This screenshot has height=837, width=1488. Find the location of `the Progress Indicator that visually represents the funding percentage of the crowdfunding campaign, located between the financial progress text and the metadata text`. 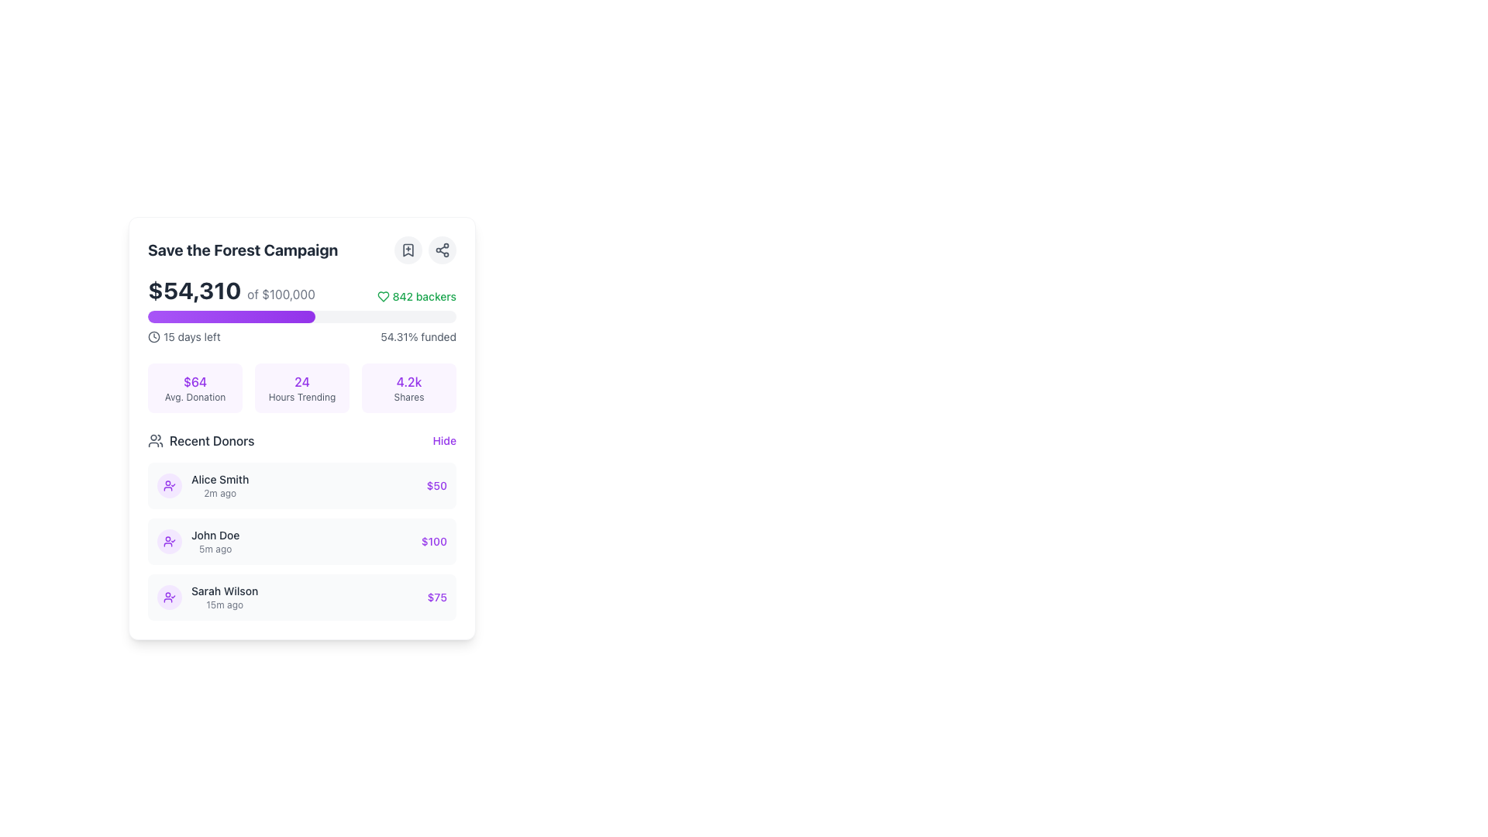

the Progress Indicator that visually represents the funding percentage of the crowdfunding campaign, located between the financial progress text and the metadata text is located at coordinates (301, 315).